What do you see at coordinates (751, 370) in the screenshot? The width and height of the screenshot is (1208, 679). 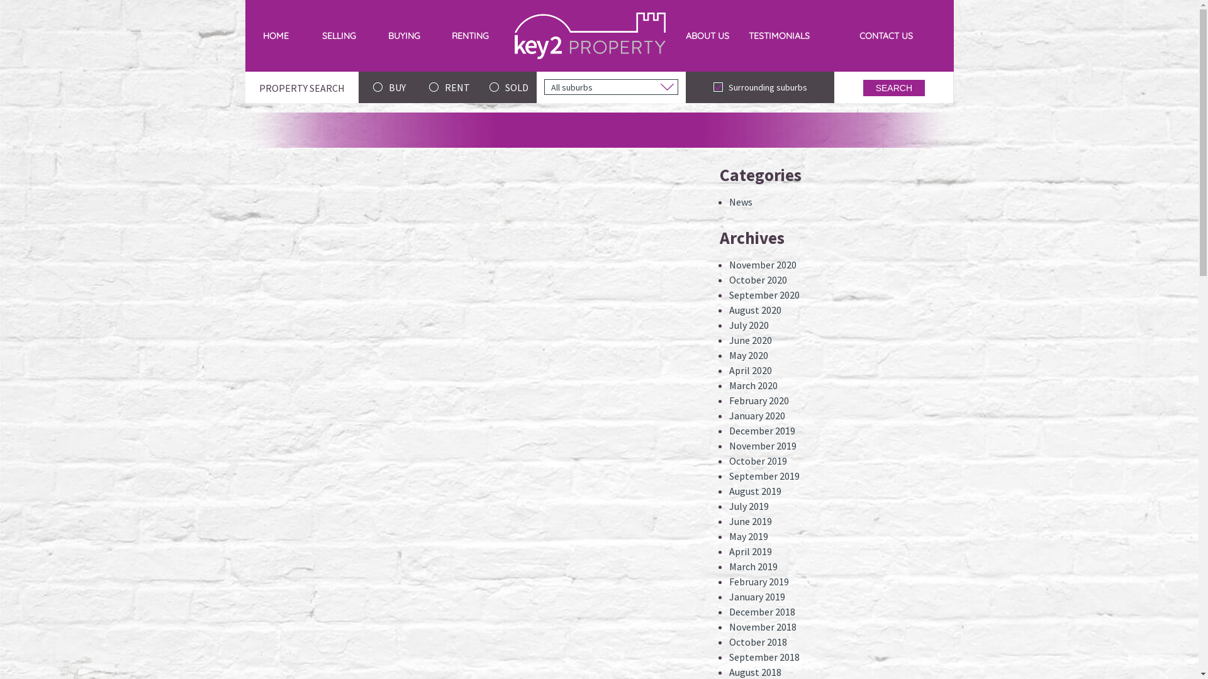 I see `'April 2020'` at bounding box center [751, 370].